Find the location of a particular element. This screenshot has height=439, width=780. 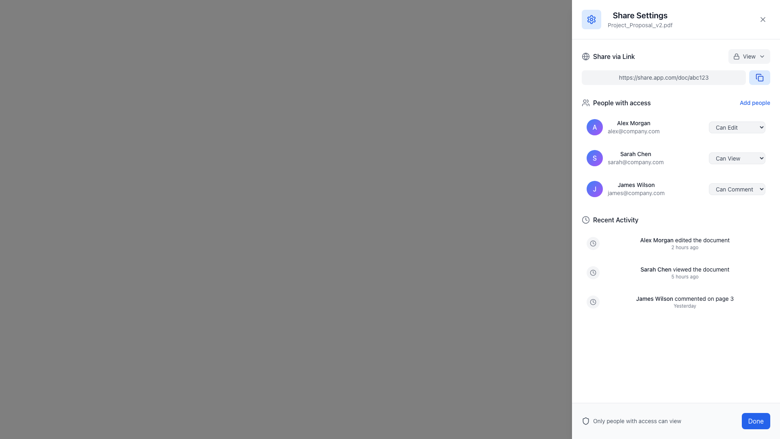

the icon representing a group of three people, which is a gray outline style decorative element located to the left of the 'People with access' text in the sharing settings panel is located at coordinates (585, 102).